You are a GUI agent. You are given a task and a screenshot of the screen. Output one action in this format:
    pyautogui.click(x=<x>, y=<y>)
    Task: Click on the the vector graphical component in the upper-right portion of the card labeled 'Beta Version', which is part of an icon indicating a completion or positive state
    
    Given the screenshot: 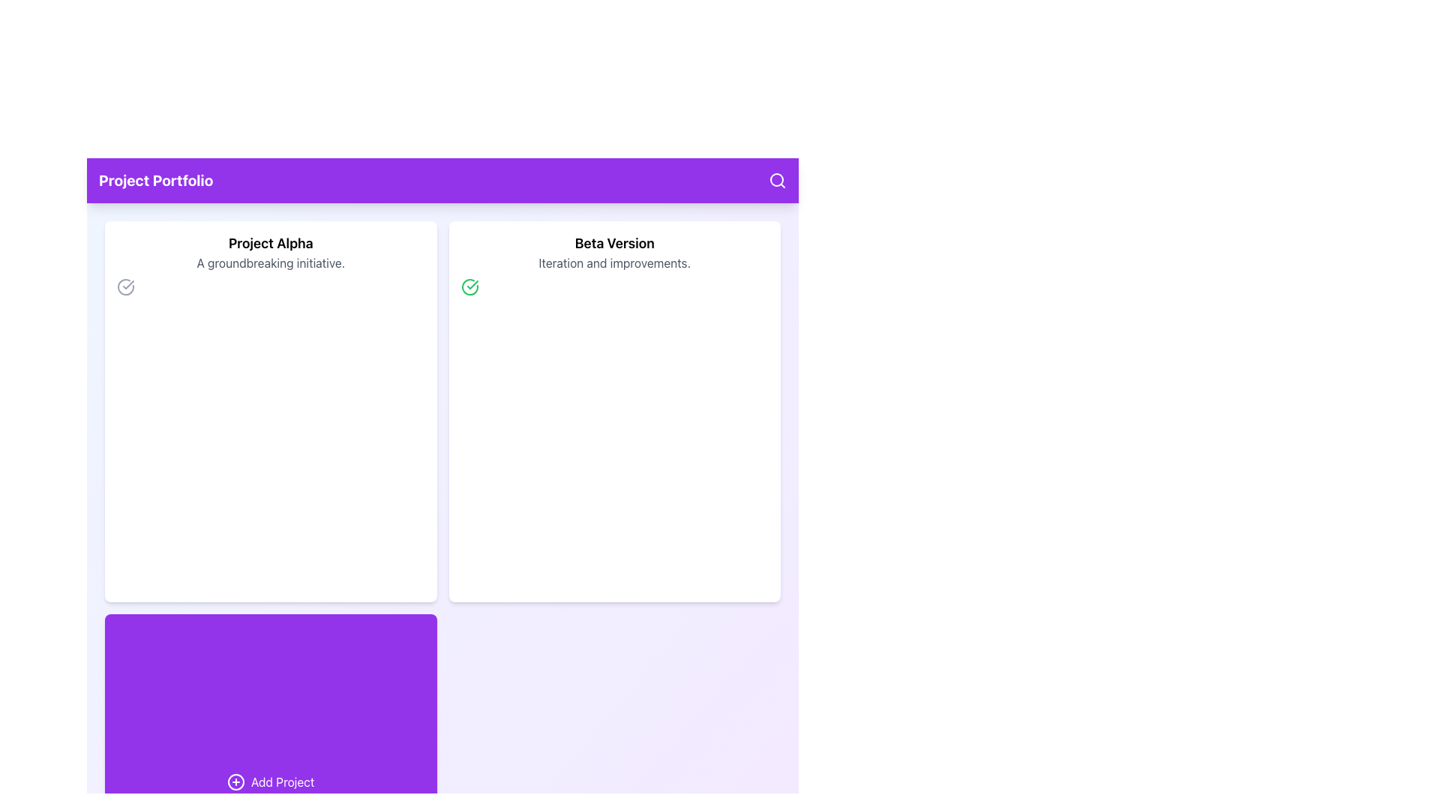 What is the action you would take?
    pyautogui.click(x=471, y=285)
    